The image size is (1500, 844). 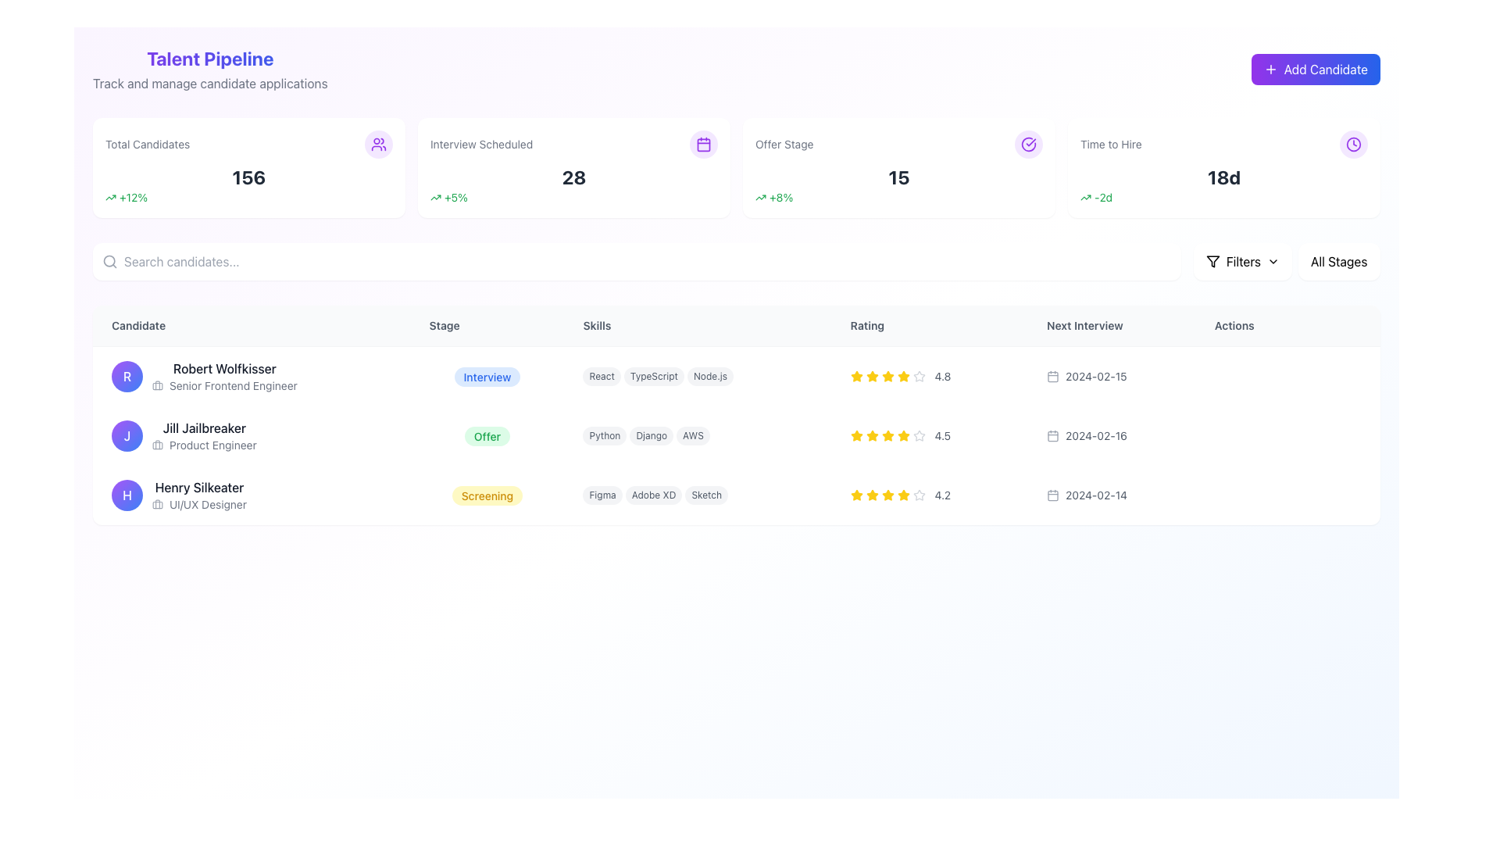 What do you see at coordinates (248, 168) in the screenshot?
I see `the Informational card displaying candidate metrics, located at the top-left corner of the grid layout` at bounding box center [248, 168].